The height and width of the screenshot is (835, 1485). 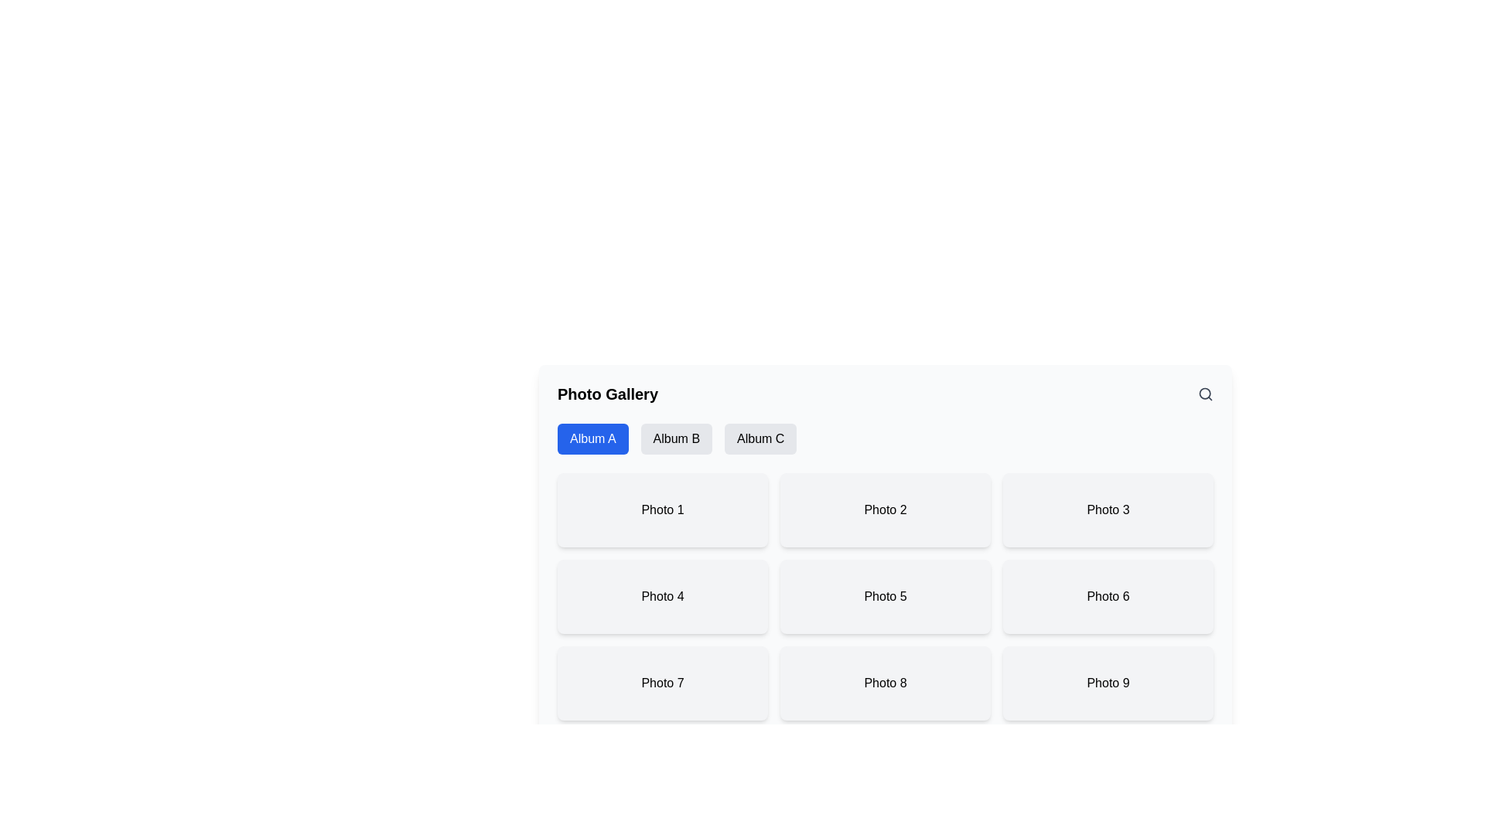 I want to click on the button labeled 'Album B' to change its background color from gray to lighter gray, so click(x=676, y=438).